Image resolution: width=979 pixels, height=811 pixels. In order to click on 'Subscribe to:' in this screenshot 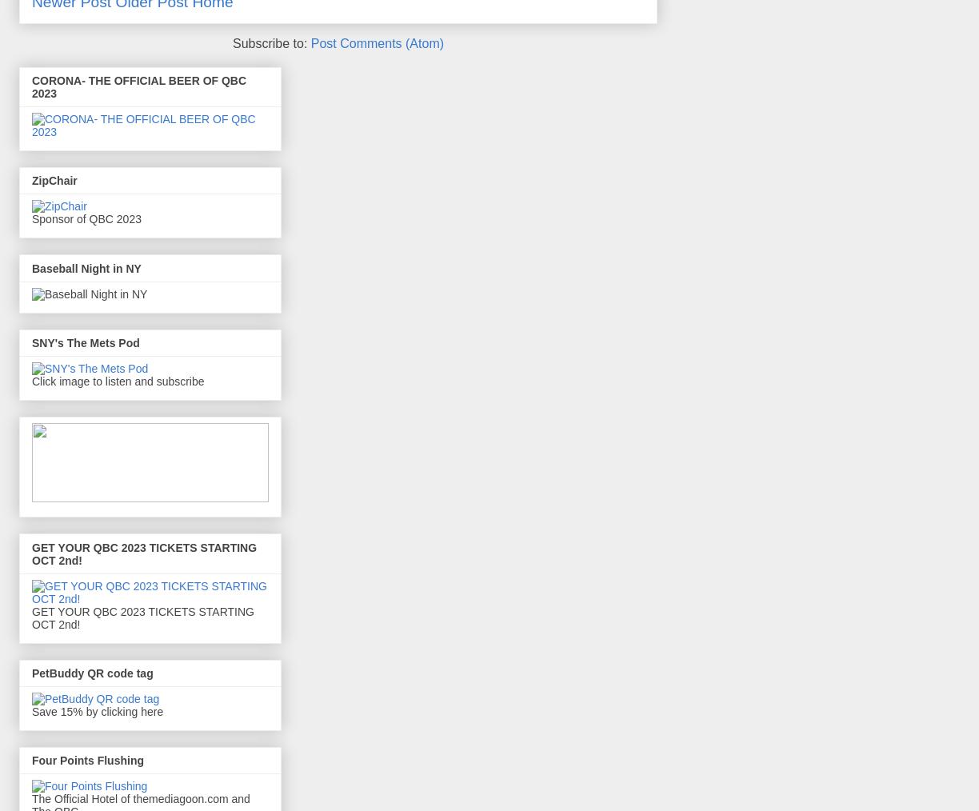, I will do `click(230, 42)`.